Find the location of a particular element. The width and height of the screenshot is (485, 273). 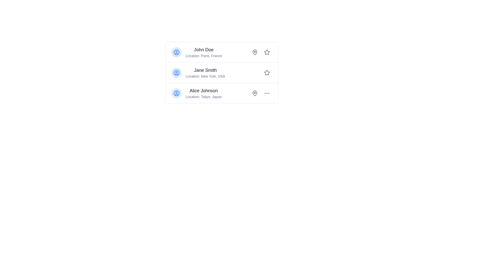

the user profile SVG icon representing 'Alice Johnson' located in the leftmost column of the third row for profile-related interactions is located at coordinates (177, 93).